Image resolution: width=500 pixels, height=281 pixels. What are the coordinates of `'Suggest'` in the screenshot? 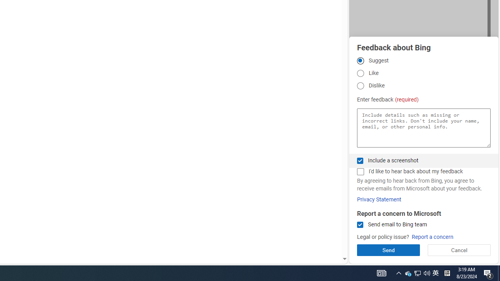 It's located at (360, 60).